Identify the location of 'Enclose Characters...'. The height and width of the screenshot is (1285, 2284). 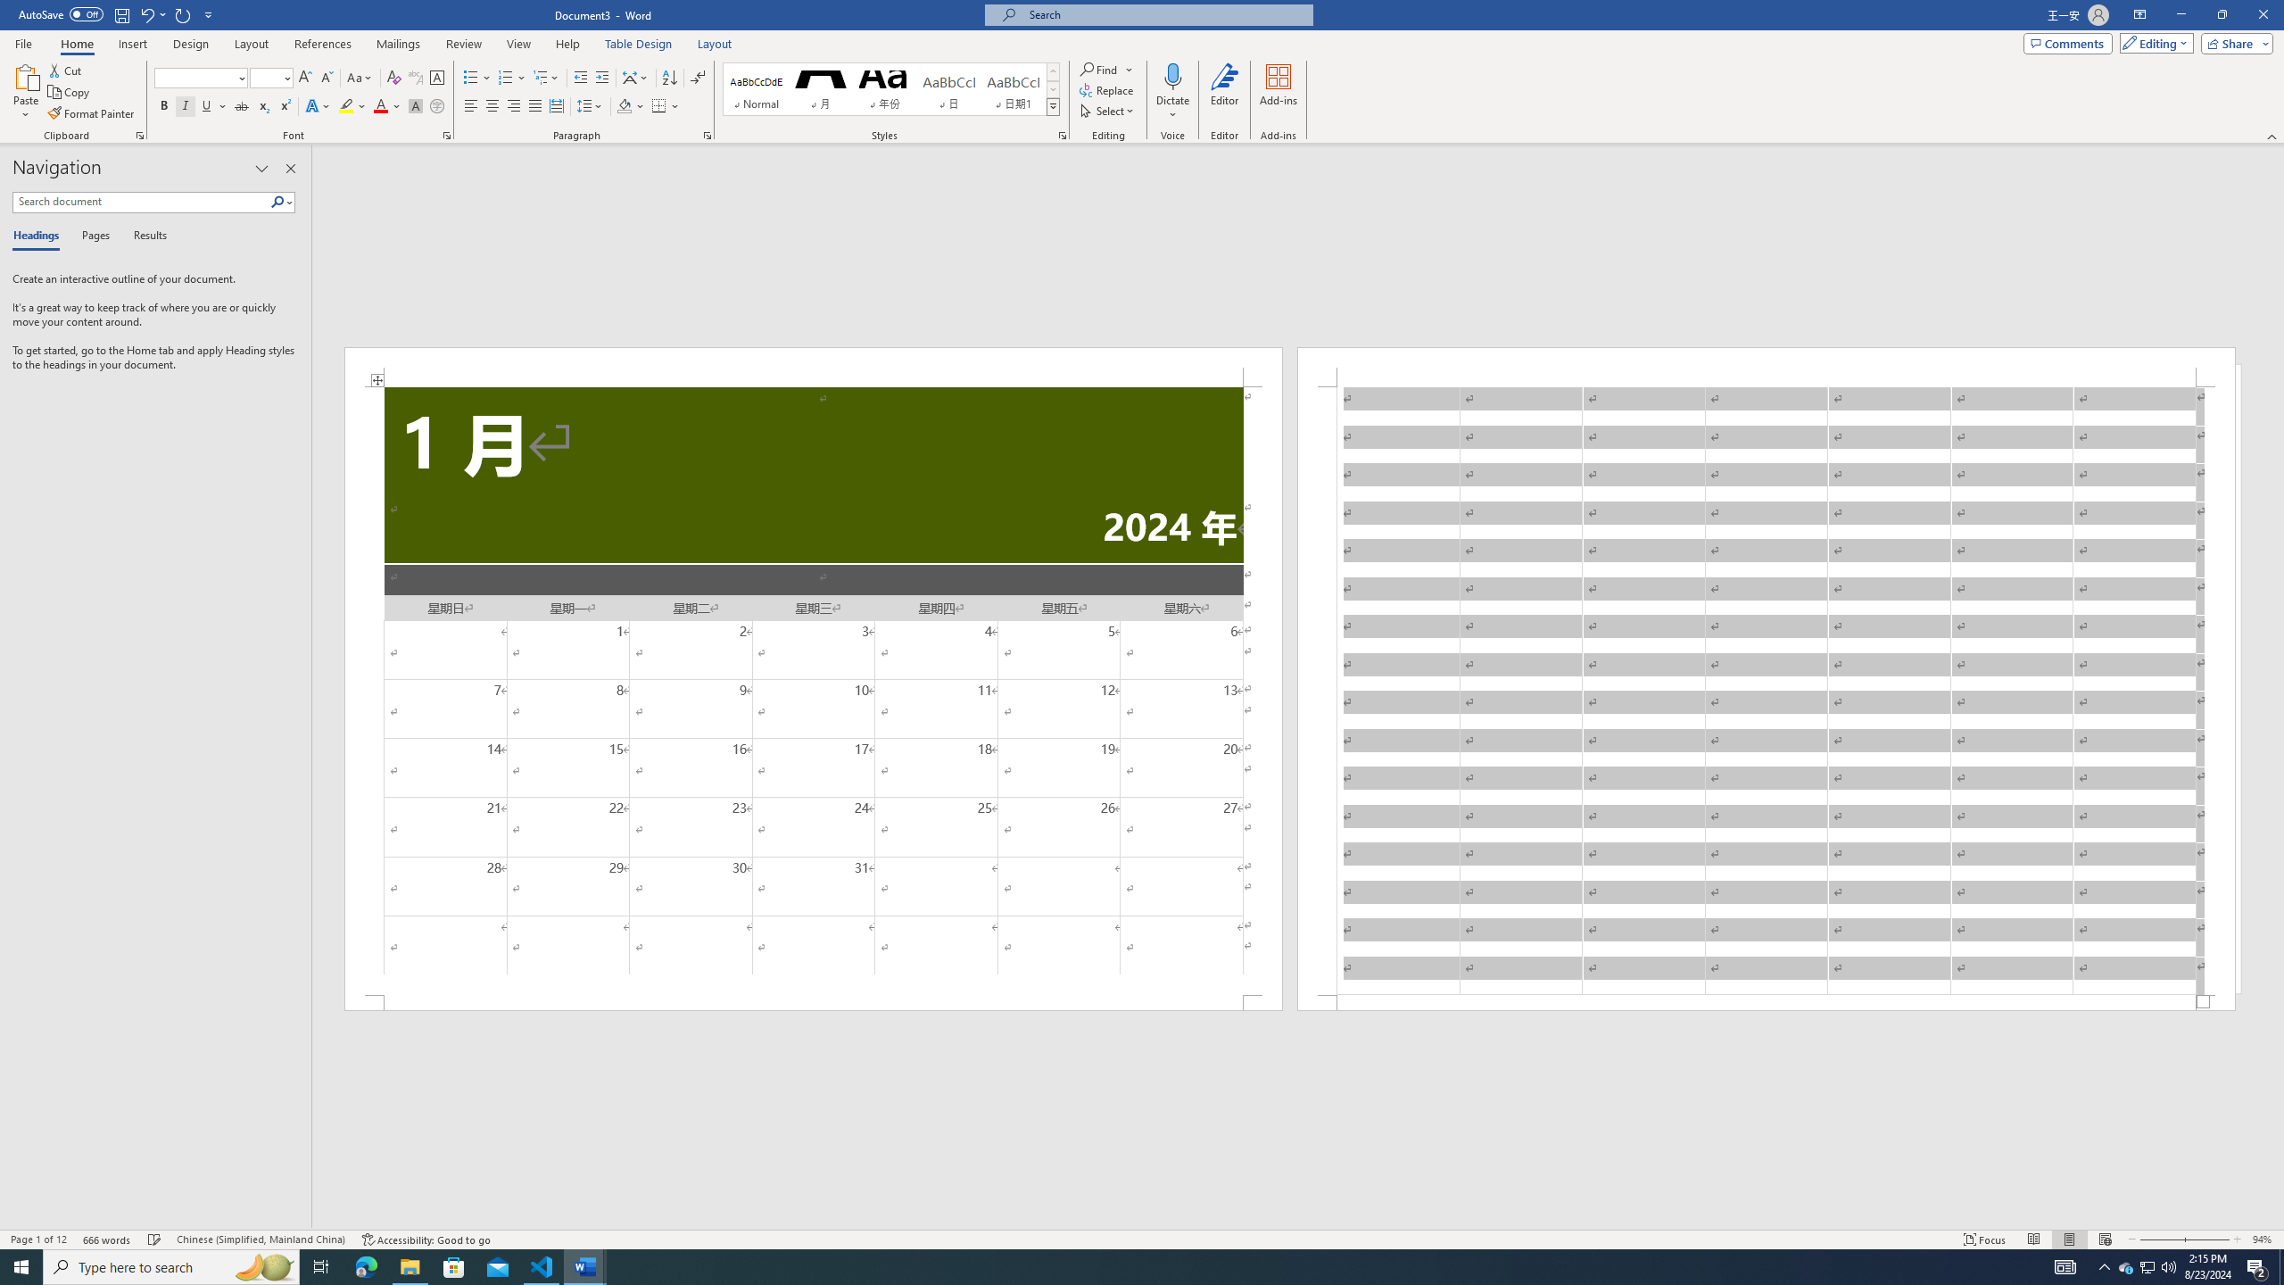
(436, 105).